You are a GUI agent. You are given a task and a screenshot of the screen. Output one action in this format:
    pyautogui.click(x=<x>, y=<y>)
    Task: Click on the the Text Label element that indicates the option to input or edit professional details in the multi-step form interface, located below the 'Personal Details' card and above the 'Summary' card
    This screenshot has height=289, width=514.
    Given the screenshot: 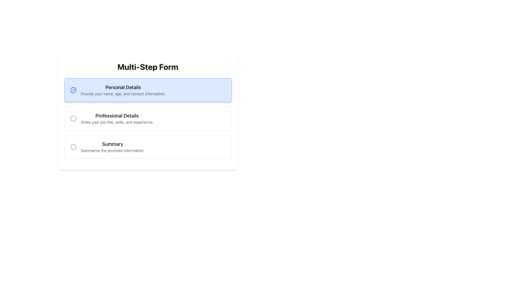 What is the action you would take?
    pyautogui.click(x=117, y=118)
    